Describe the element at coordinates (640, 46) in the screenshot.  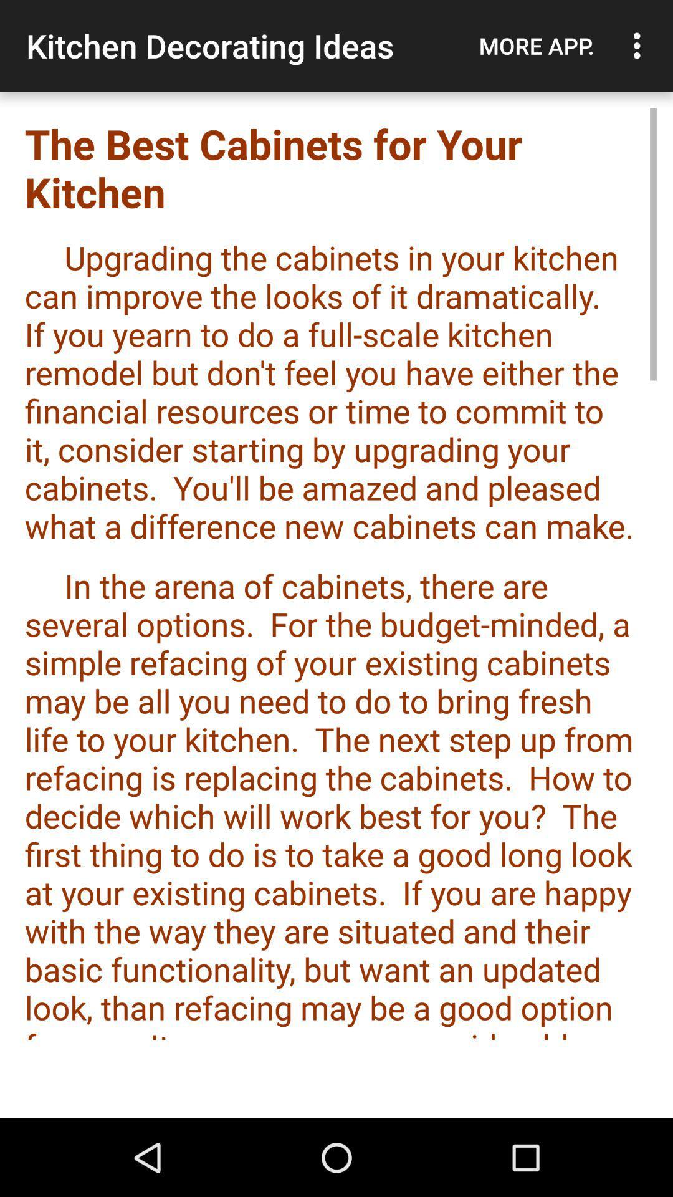
I see `item above the best cabinets item` at that location.